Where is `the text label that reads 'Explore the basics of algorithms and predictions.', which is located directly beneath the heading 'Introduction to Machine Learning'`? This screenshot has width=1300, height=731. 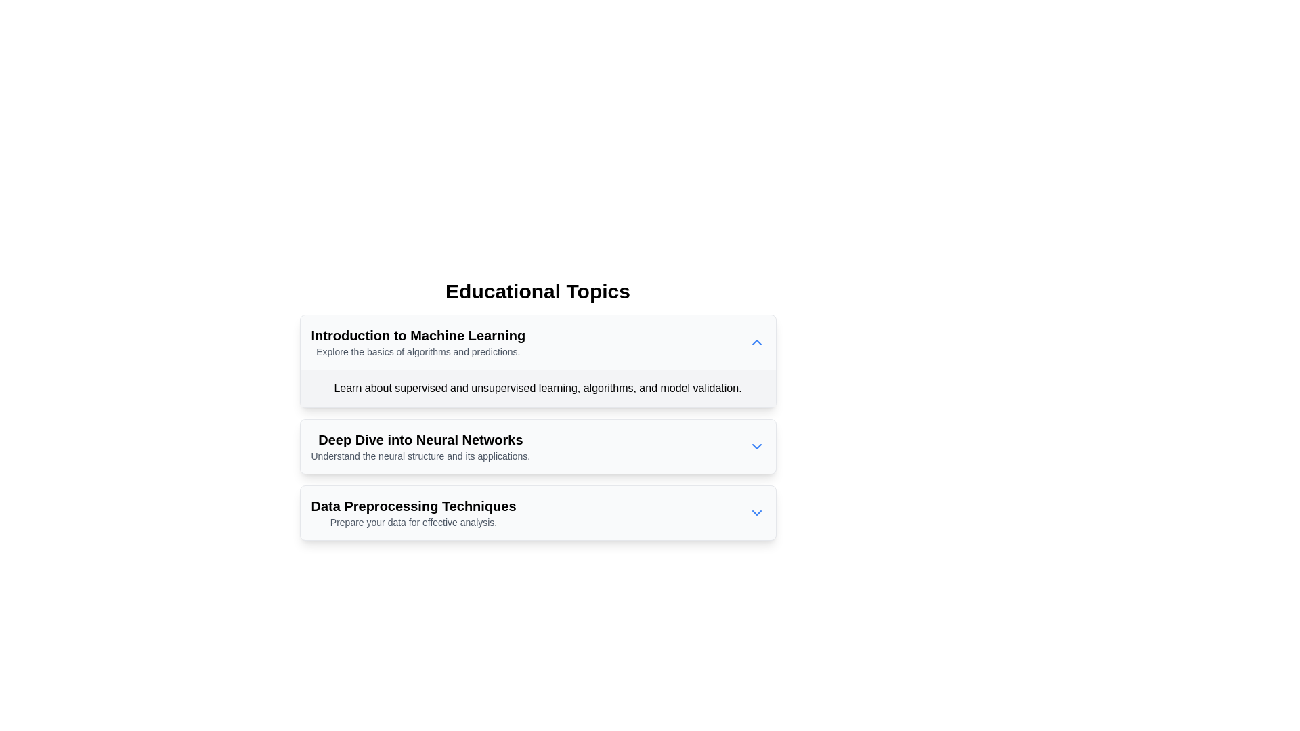
the text label that reads 'Explore the basics of algorithms and predictions.', which is located directly beneath the heading 'Introduction to Machine Learning' is located at coordinates (417, 351).